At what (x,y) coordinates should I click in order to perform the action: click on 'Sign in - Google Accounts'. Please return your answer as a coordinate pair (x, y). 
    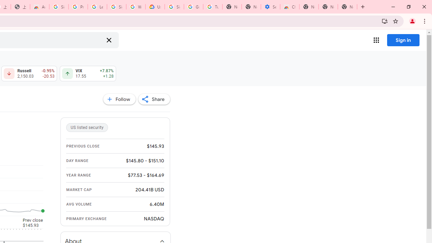
    Looking at the image, I should click on (59, 7).